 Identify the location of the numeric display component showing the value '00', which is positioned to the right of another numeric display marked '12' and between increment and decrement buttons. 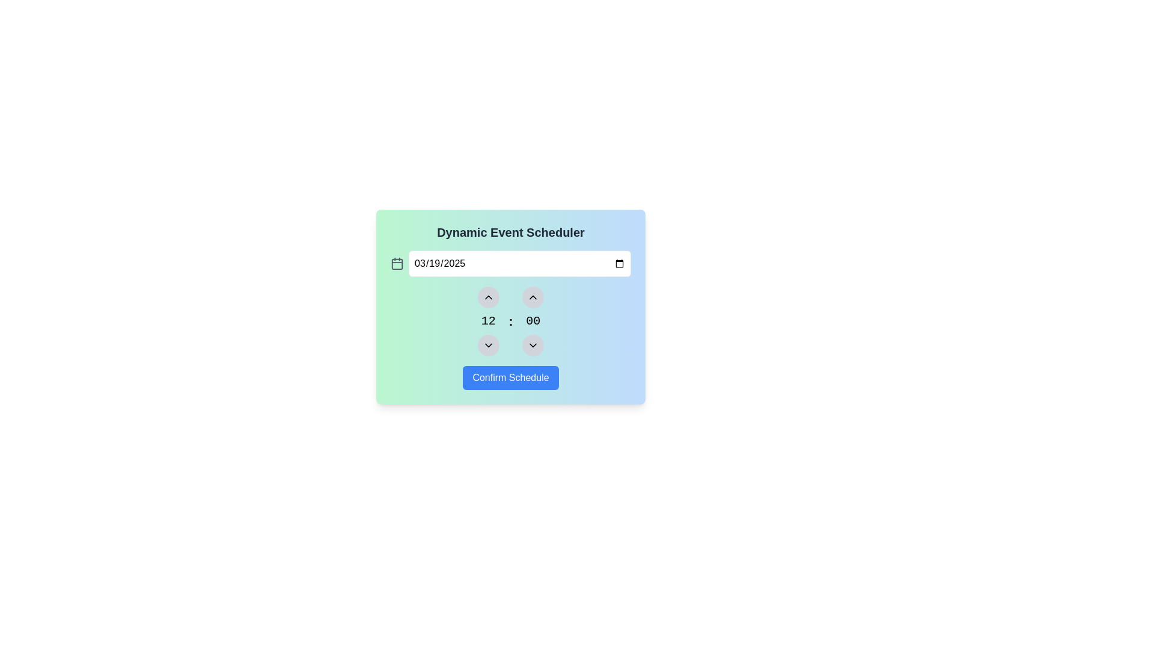
(533, 321).